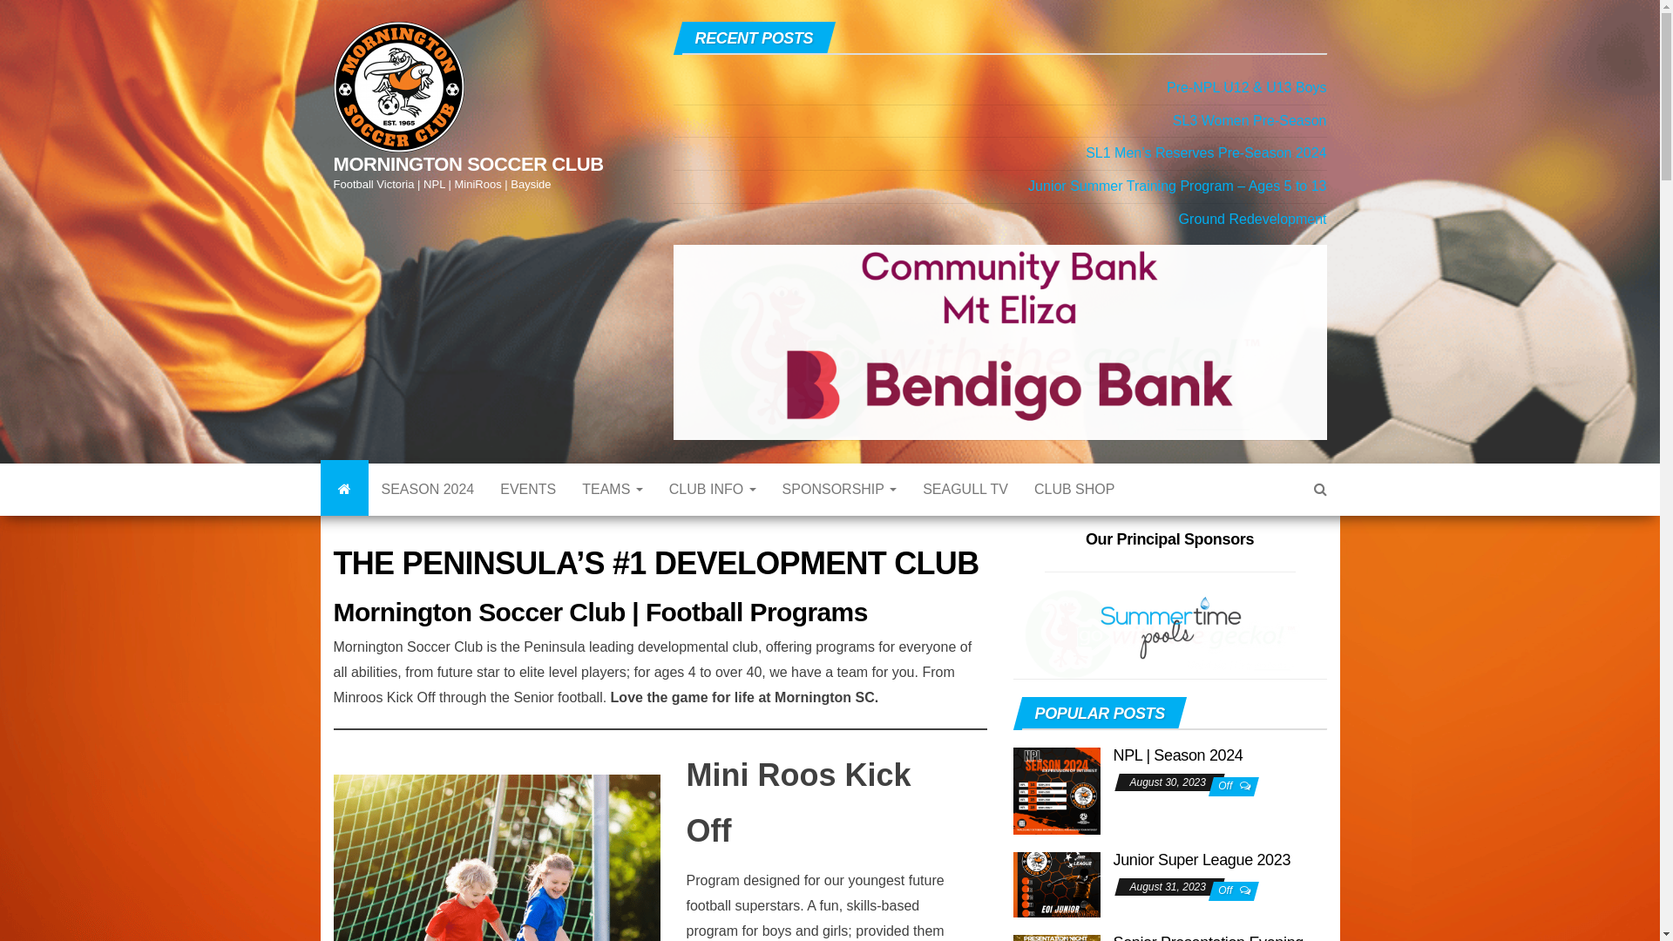 Image resolution: width=1673 pixels, height=941 pixels. What do you see at coordinates (568, 513) in the screenshot?
I see `'TEAMS'` at bounding box center [568, 513].